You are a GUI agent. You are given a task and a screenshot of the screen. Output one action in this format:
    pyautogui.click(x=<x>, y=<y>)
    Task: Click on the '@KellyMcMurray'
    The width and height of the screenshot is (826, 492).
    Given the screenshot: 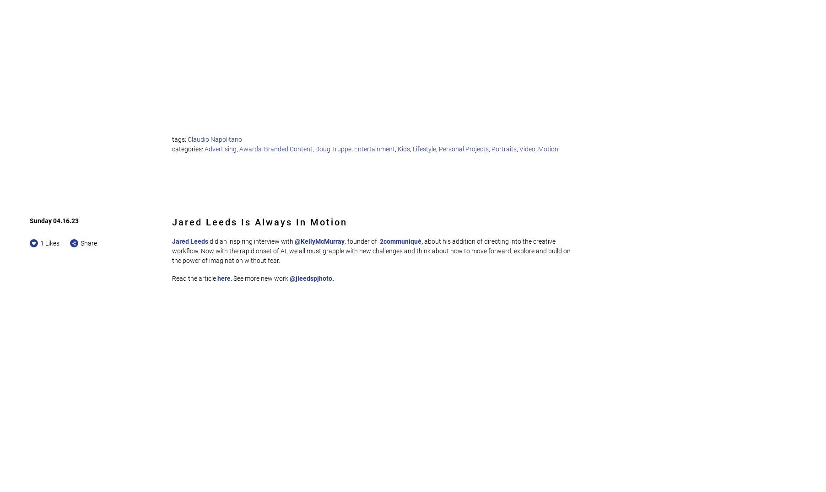 What is the action you would take?
    pyautogui.click(x=295, y=241)
    